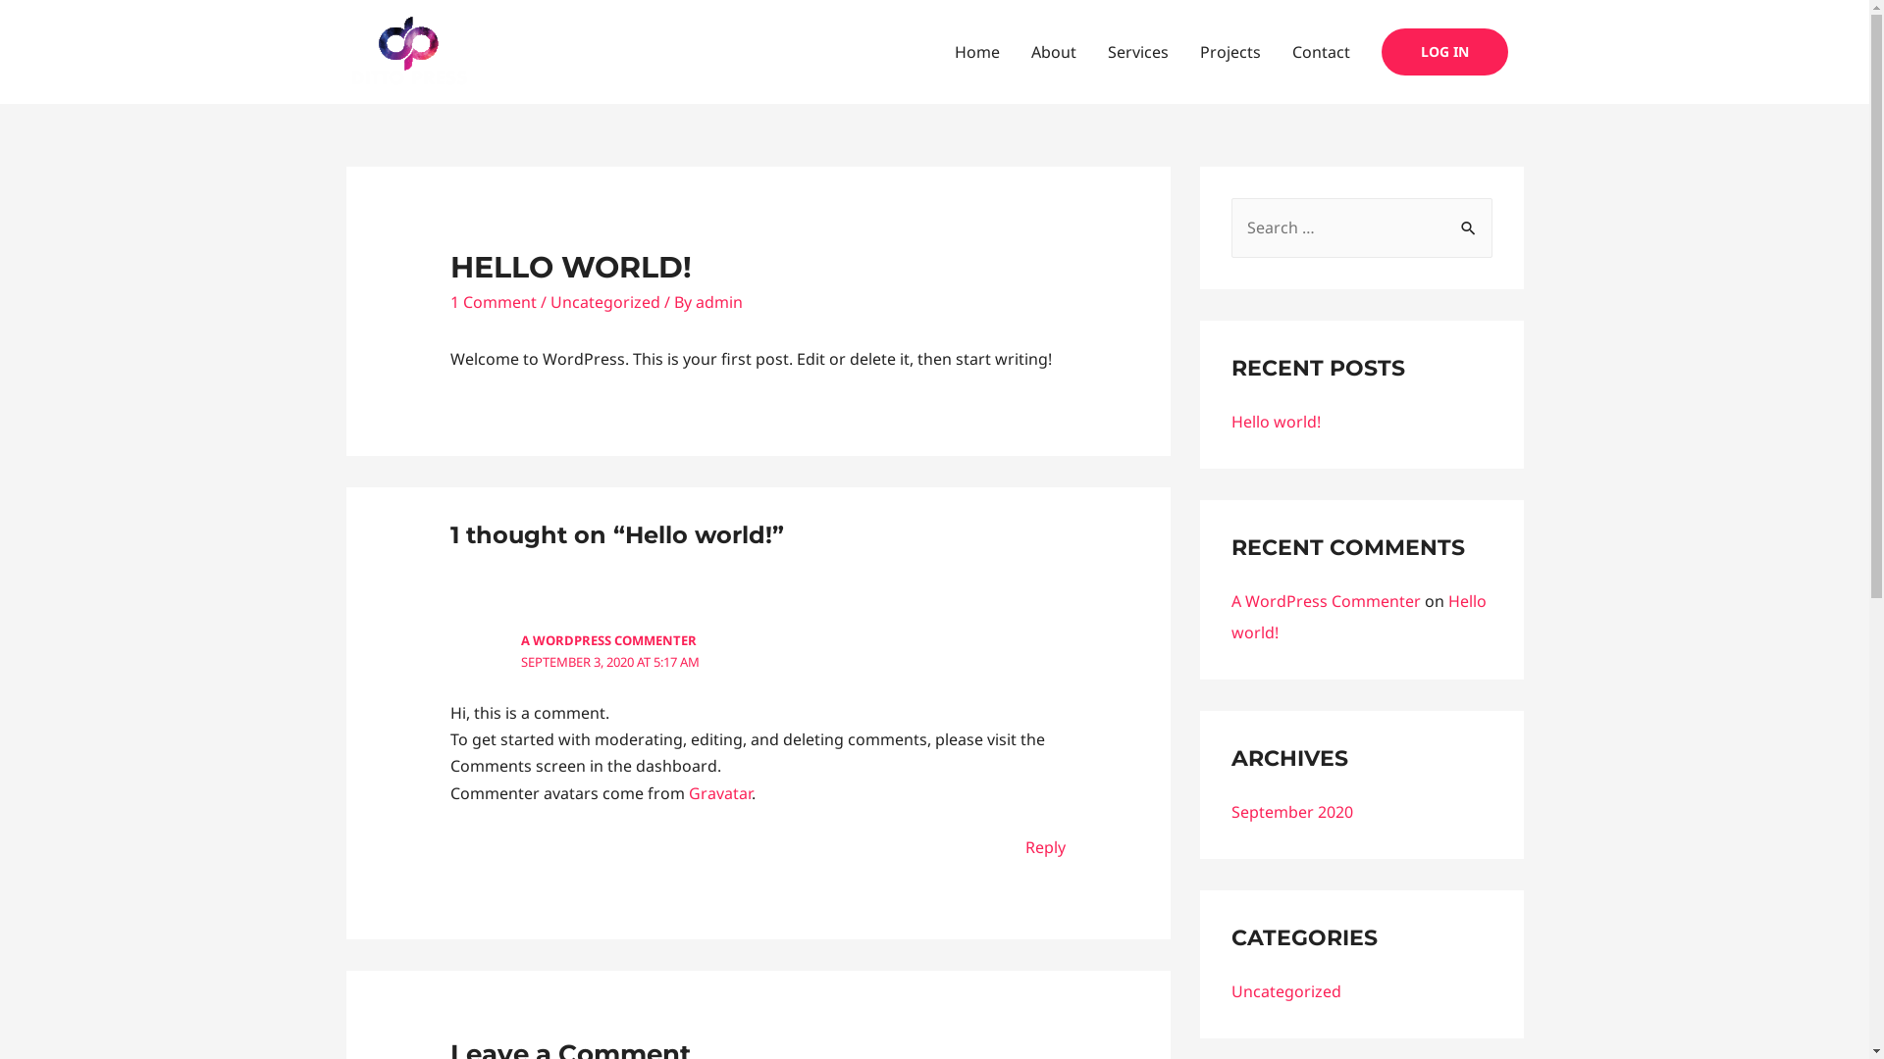 This screenshot has width=1884, height=1059. What do you see at coordinates (1470, 219) in the screenshot?
I see `'Search'` at bounding box center [1470, 219].